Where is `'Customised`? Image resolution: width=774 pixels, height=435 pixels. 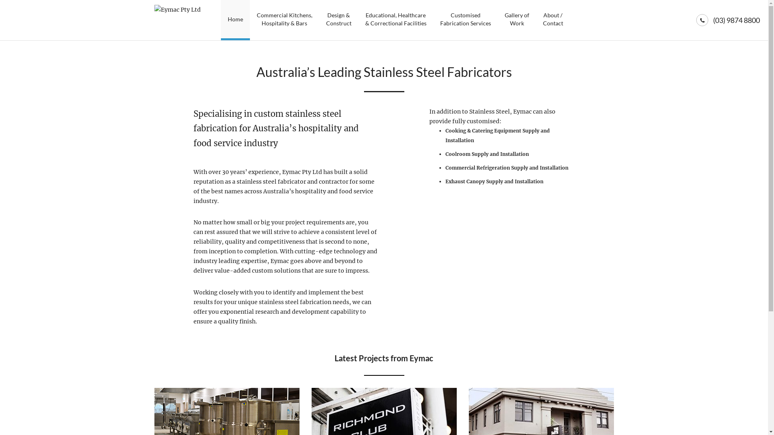
'Customised is located at coordinates (465, 20).